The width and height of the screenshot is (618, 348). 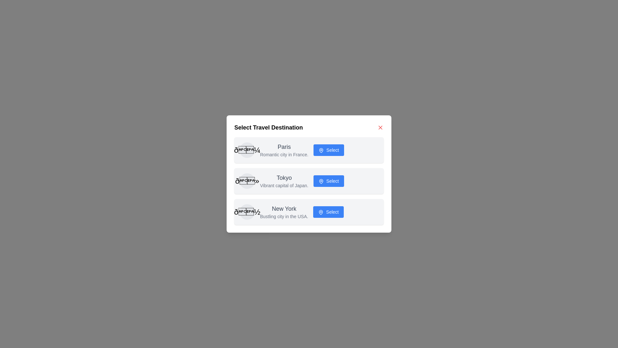 What do you see at coordinates (328, 212) in the screenshot?
I see `'Select' button for the destination New York` at bounding box center [328, 212].